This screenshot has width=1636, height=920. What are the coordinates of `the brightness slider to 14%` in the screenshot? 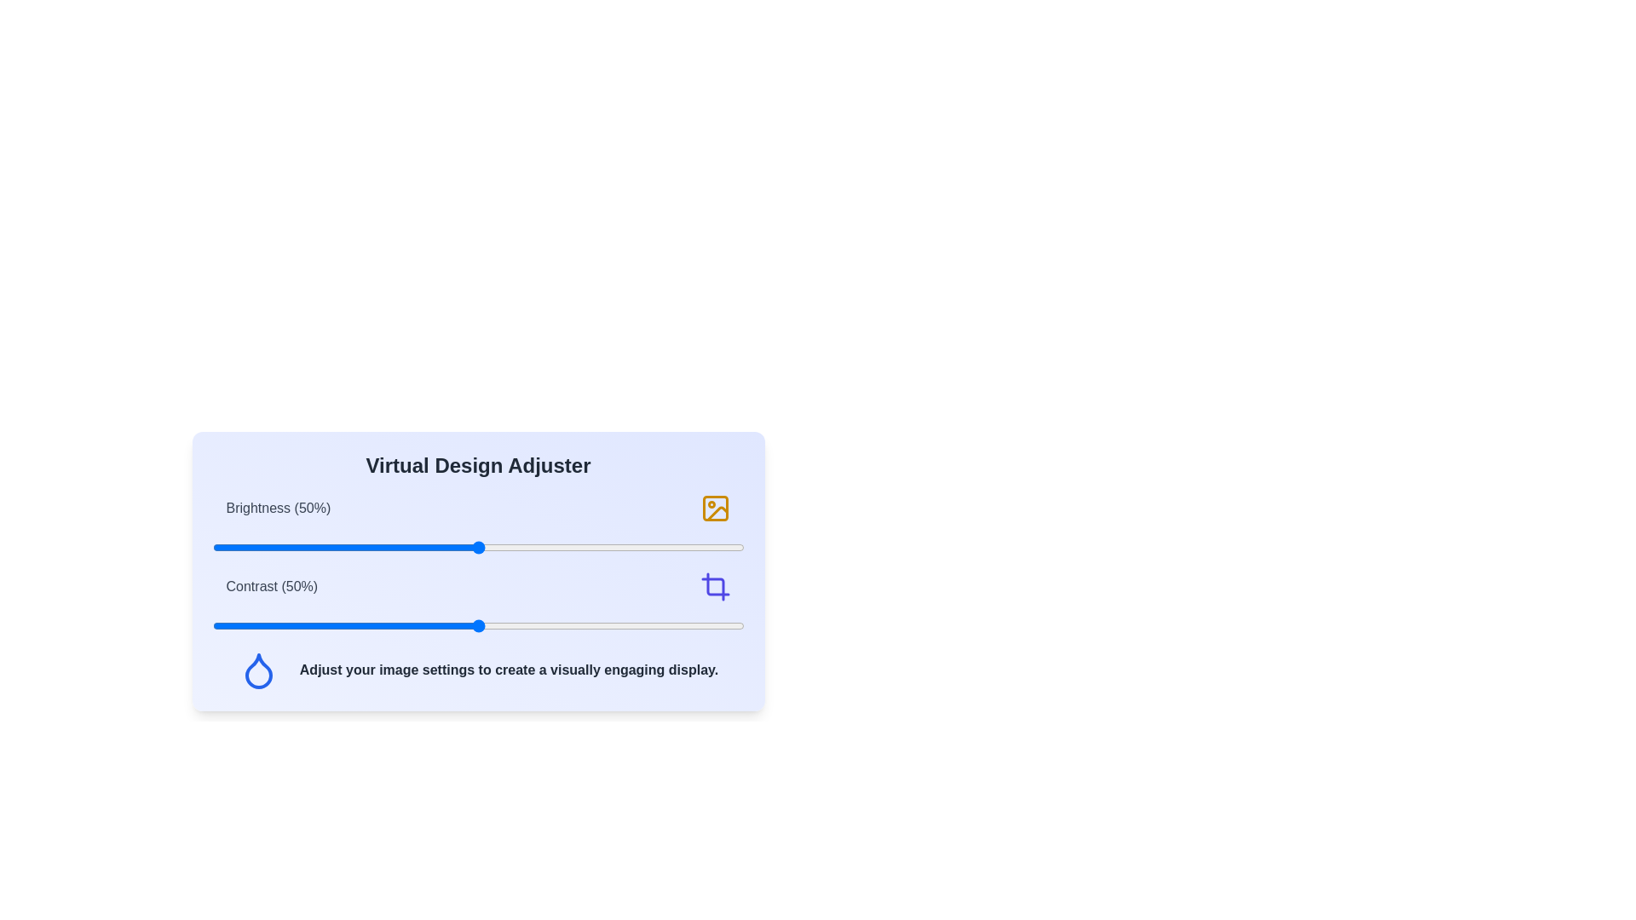 It's located at (286, 548).